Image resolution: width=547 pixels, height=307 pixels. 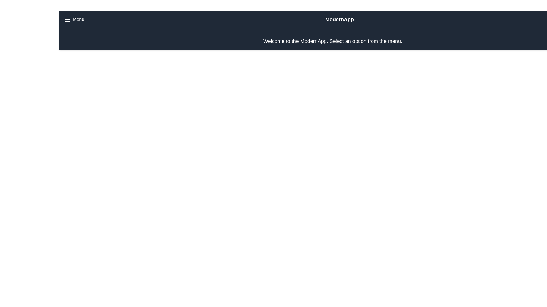 I want to click on the menu button to toggle the menu visibility, so click(x=74, y=19).